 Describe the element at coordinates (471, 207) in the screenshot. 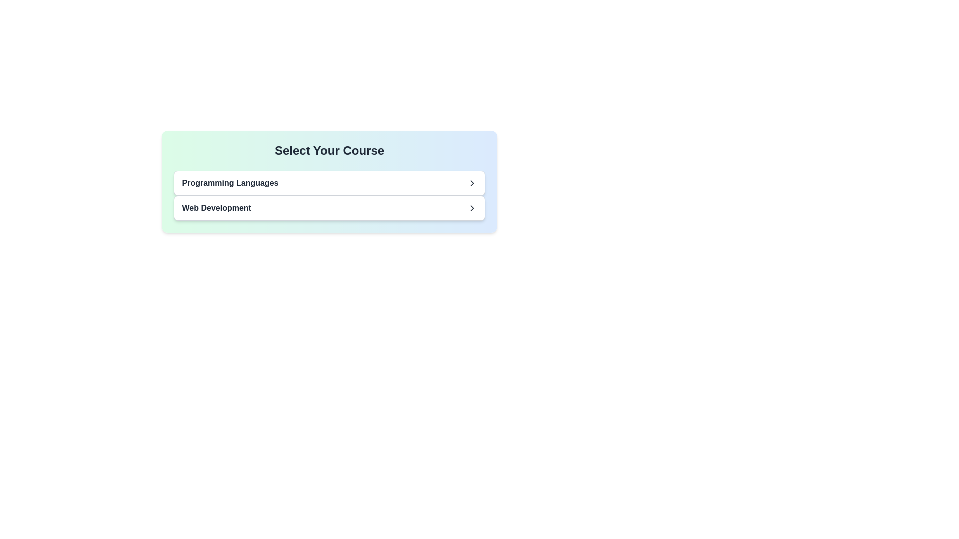

I see `the navigation icon located at the right edge of the 'Web Development' text label in the course menu` at that location.